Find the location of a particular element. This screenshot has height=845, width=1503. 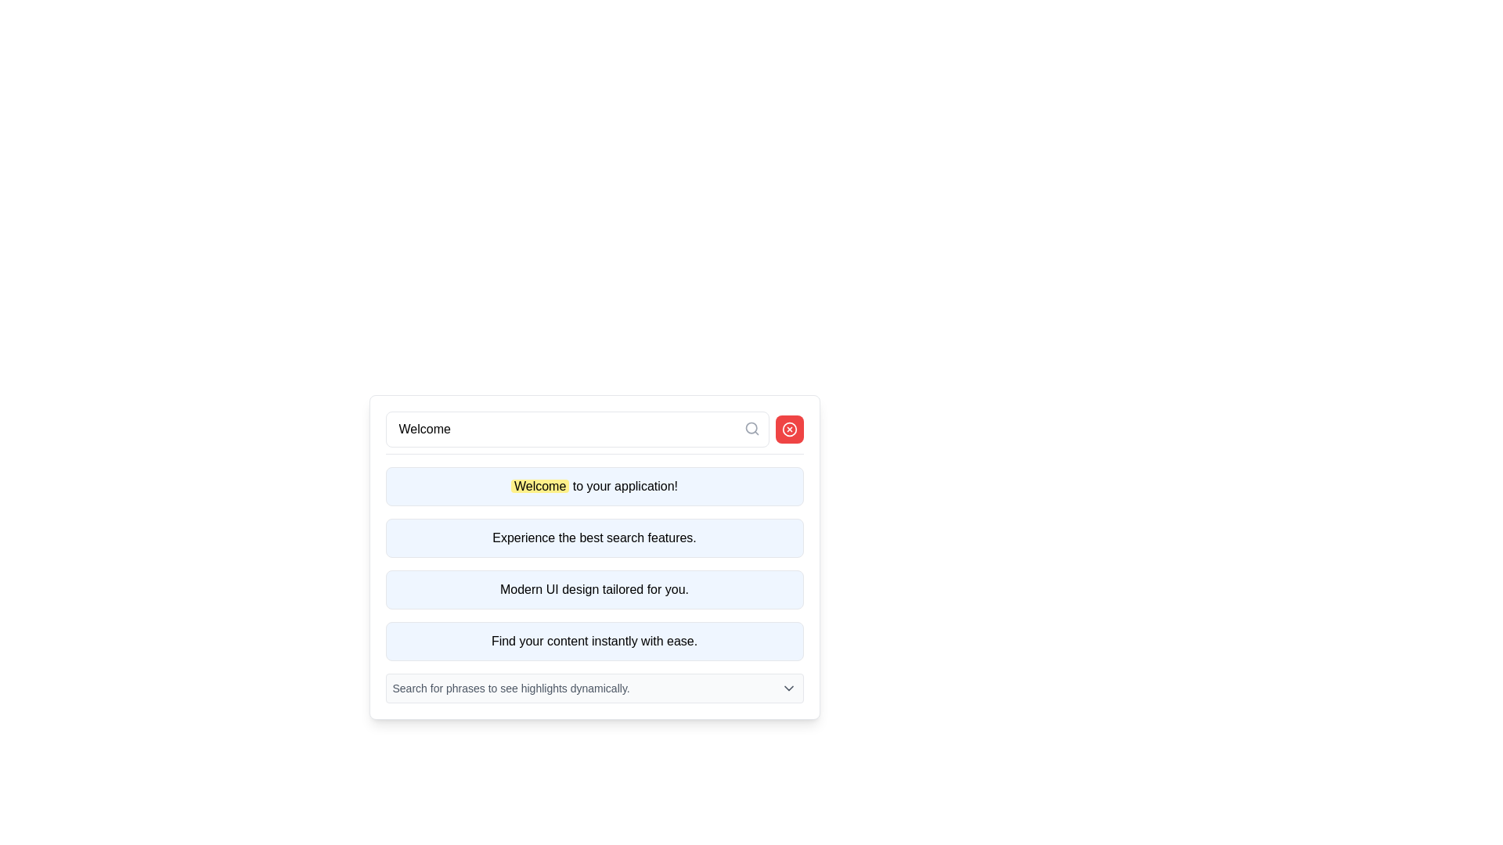

the 'Welcome' text label which has a yellow background and is located centered in the second line below the search input is located at coordinates (540, 485).